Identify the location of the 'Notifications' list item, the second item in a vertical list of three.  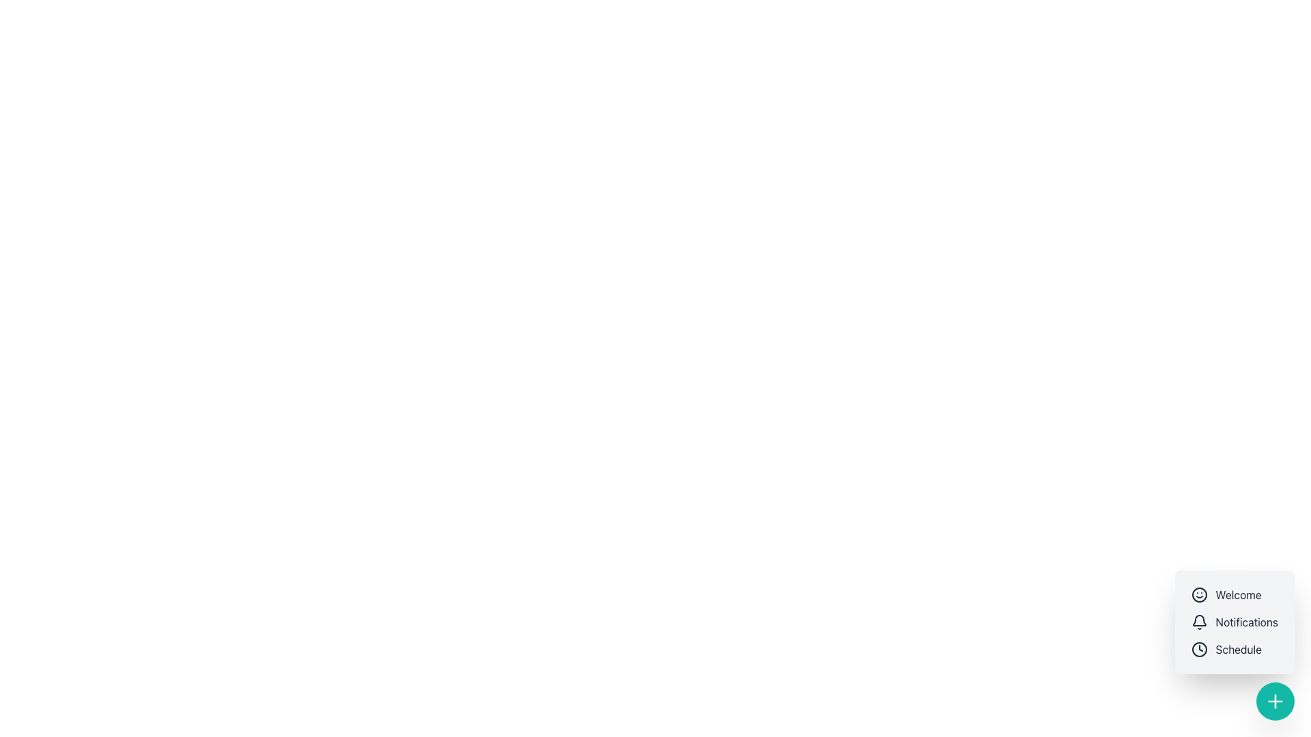
(1235, 622).